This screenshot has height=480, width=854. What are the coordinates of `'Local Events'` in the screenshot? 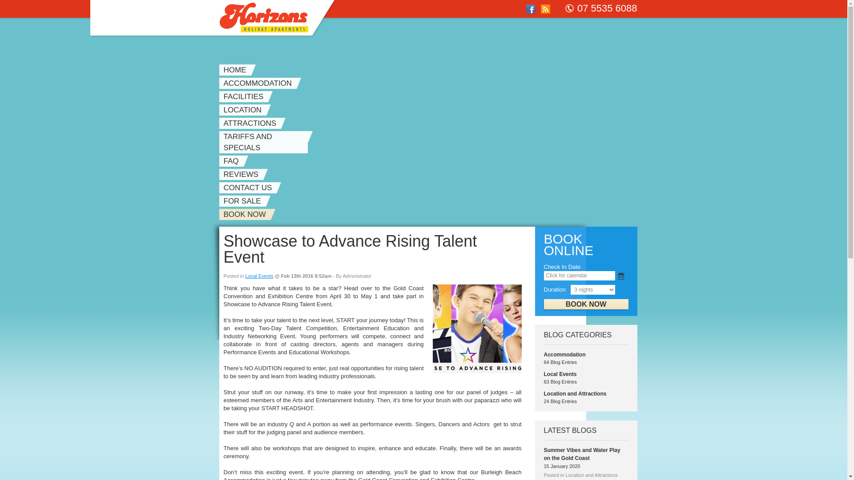 It's located at (559, 374).